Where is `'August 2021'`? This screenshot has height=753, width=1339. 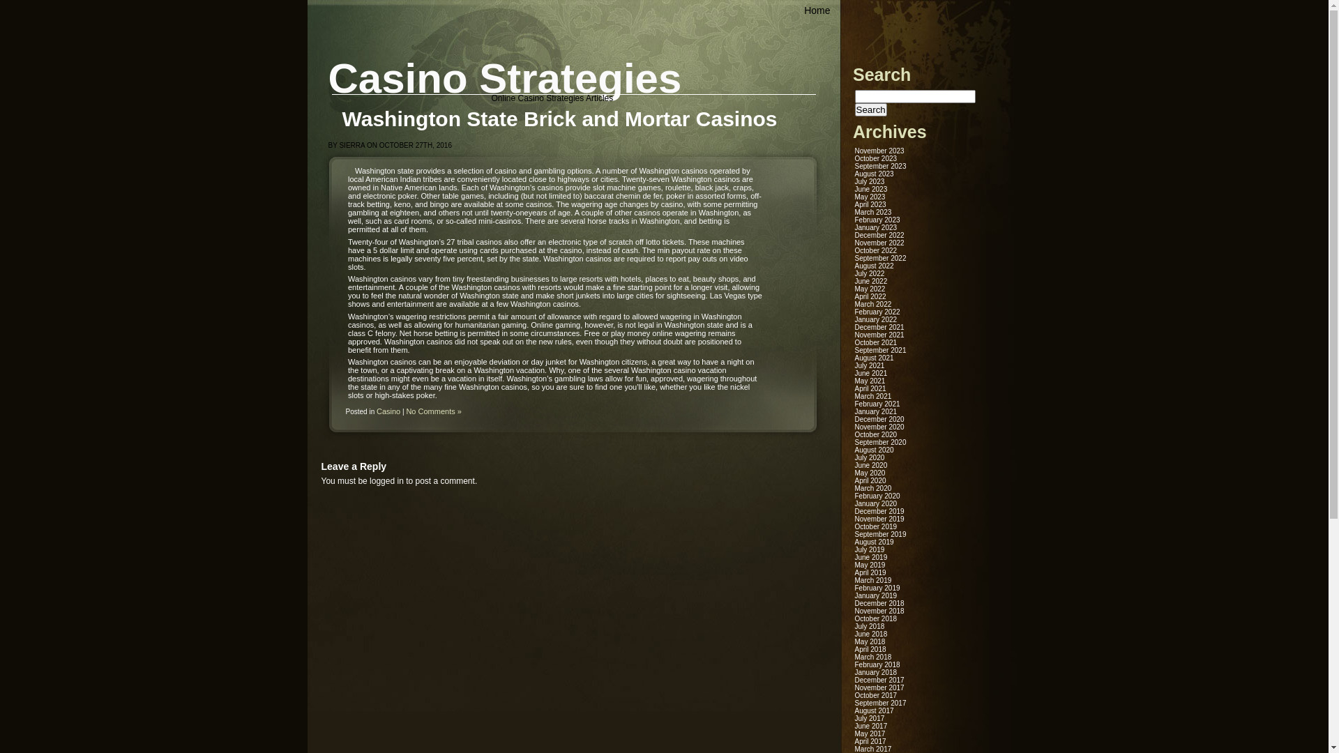
'August 2021' is located at coordinates (873, 357).